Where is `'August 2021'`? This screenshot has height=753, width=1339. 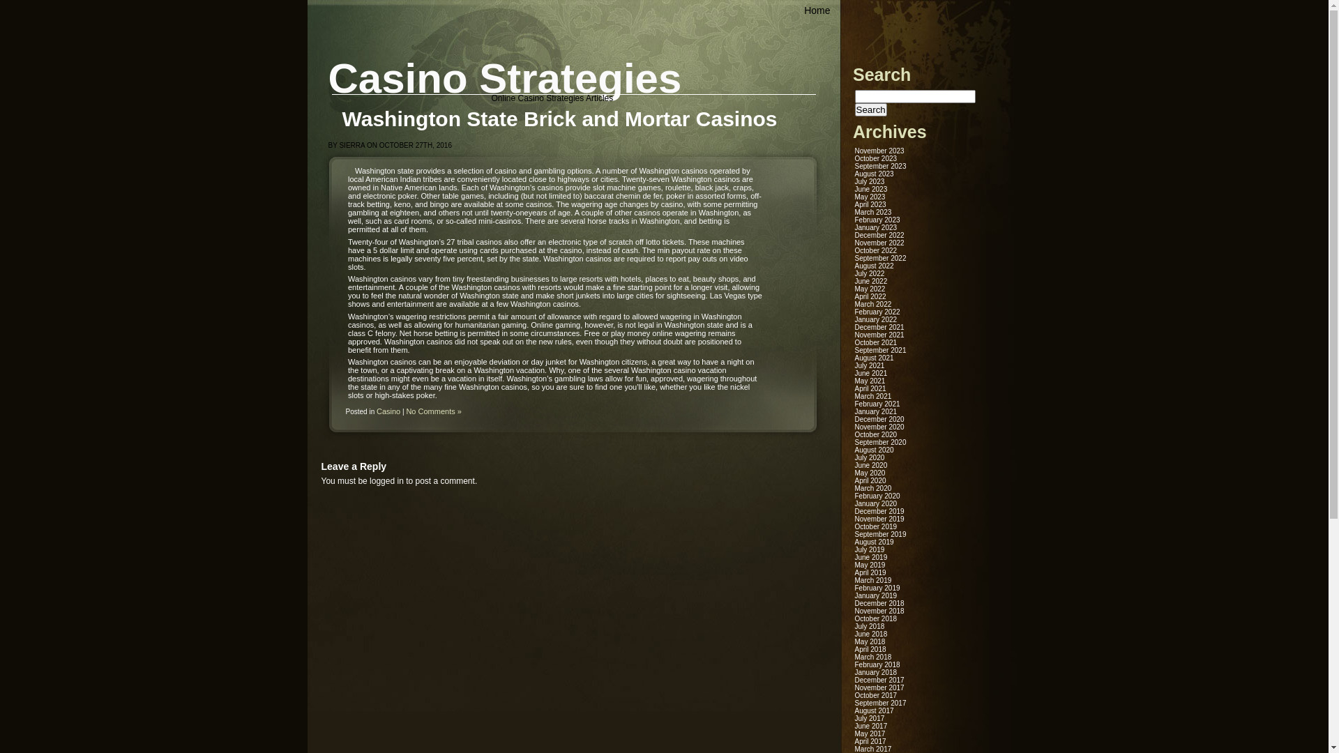
'August 2021' is located at coordinates (873, 357).